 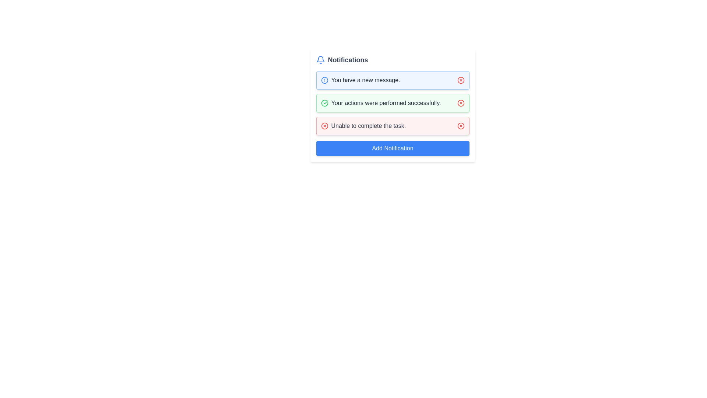 What do you see at coordinates (363, 126) in the screenshot?
I see `error notification message displayed as the third item in the notification list` at bounding box center [363, 126].